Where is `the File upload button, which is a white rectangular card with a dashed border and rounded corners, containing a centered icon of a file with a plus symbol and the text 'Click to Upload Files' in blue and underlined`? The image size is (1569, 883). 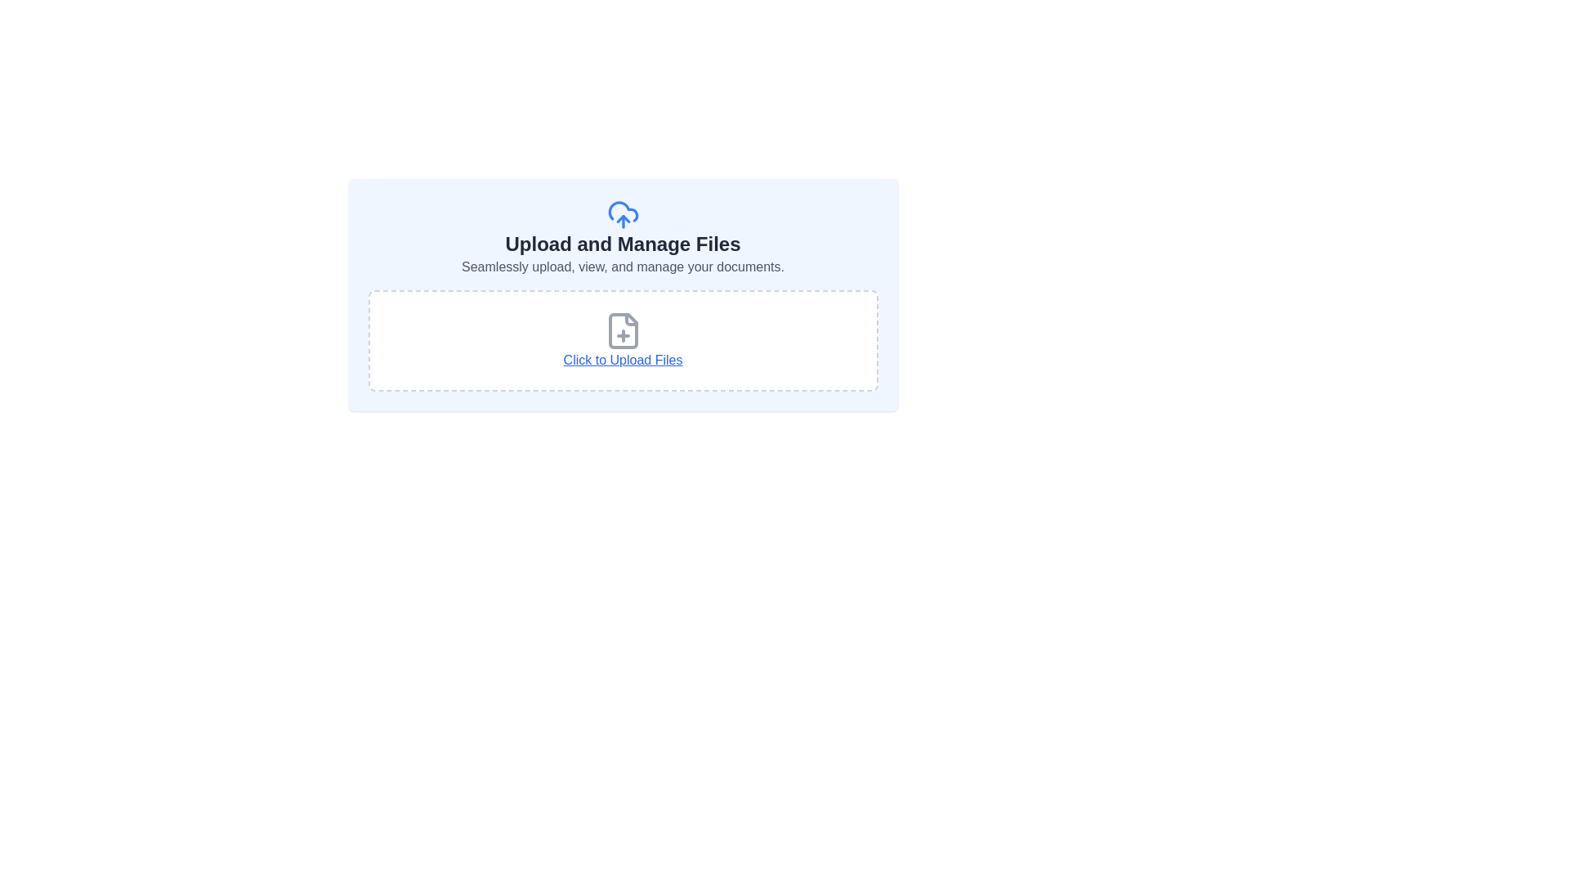
the File upload button, which is a white rectangular card with a dashed border and rounded corners, containing a centered icon of a file with a plus symbol and the text 'Click to Upload Files' in blue and underlined is located at coordinates (622, 339).